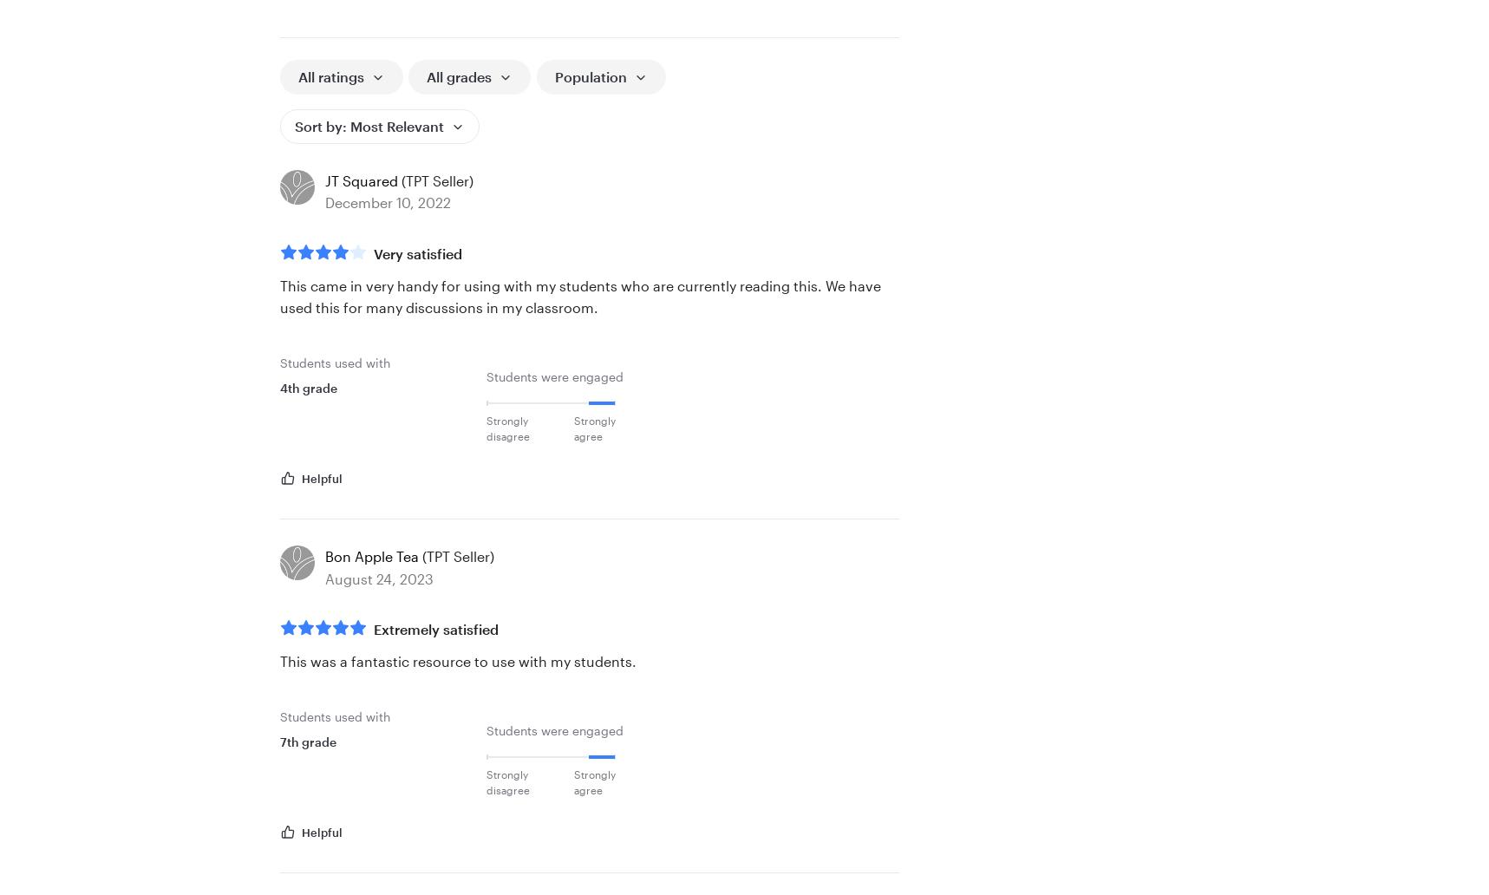 The width and height of the screenshot is (1489, 895). Describe the element at coordinates (360, 179) in the screenshot. I see `'JT Squared'` at that location.